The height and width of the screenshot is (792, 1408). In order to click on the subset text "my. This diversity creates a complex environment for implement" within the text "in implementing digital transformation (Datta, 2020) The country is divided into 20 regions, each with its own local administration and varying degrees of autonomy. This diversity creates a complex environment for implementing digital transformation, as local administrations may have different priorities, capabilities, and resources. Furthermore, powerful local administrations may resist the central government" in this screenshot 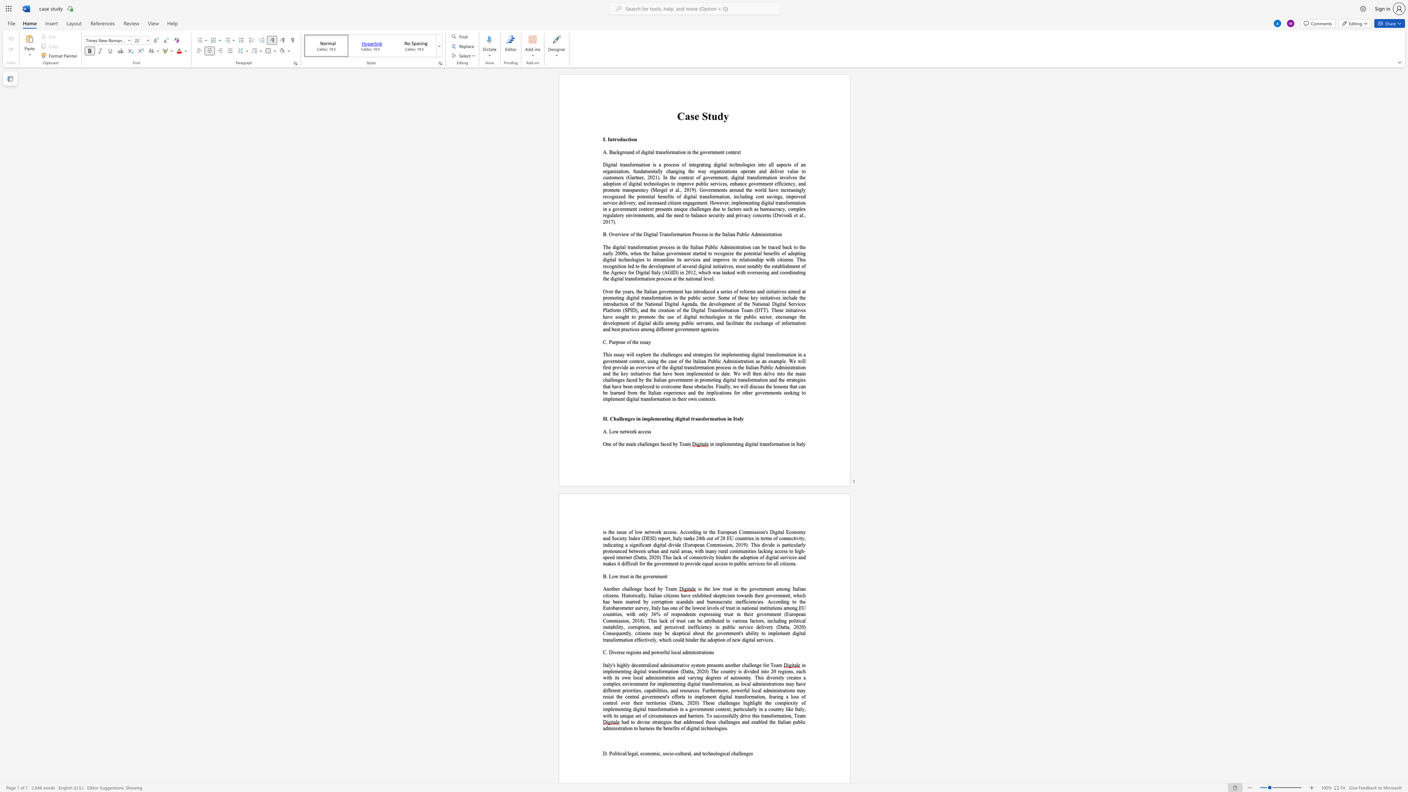, I will do `click(744, 677)`.